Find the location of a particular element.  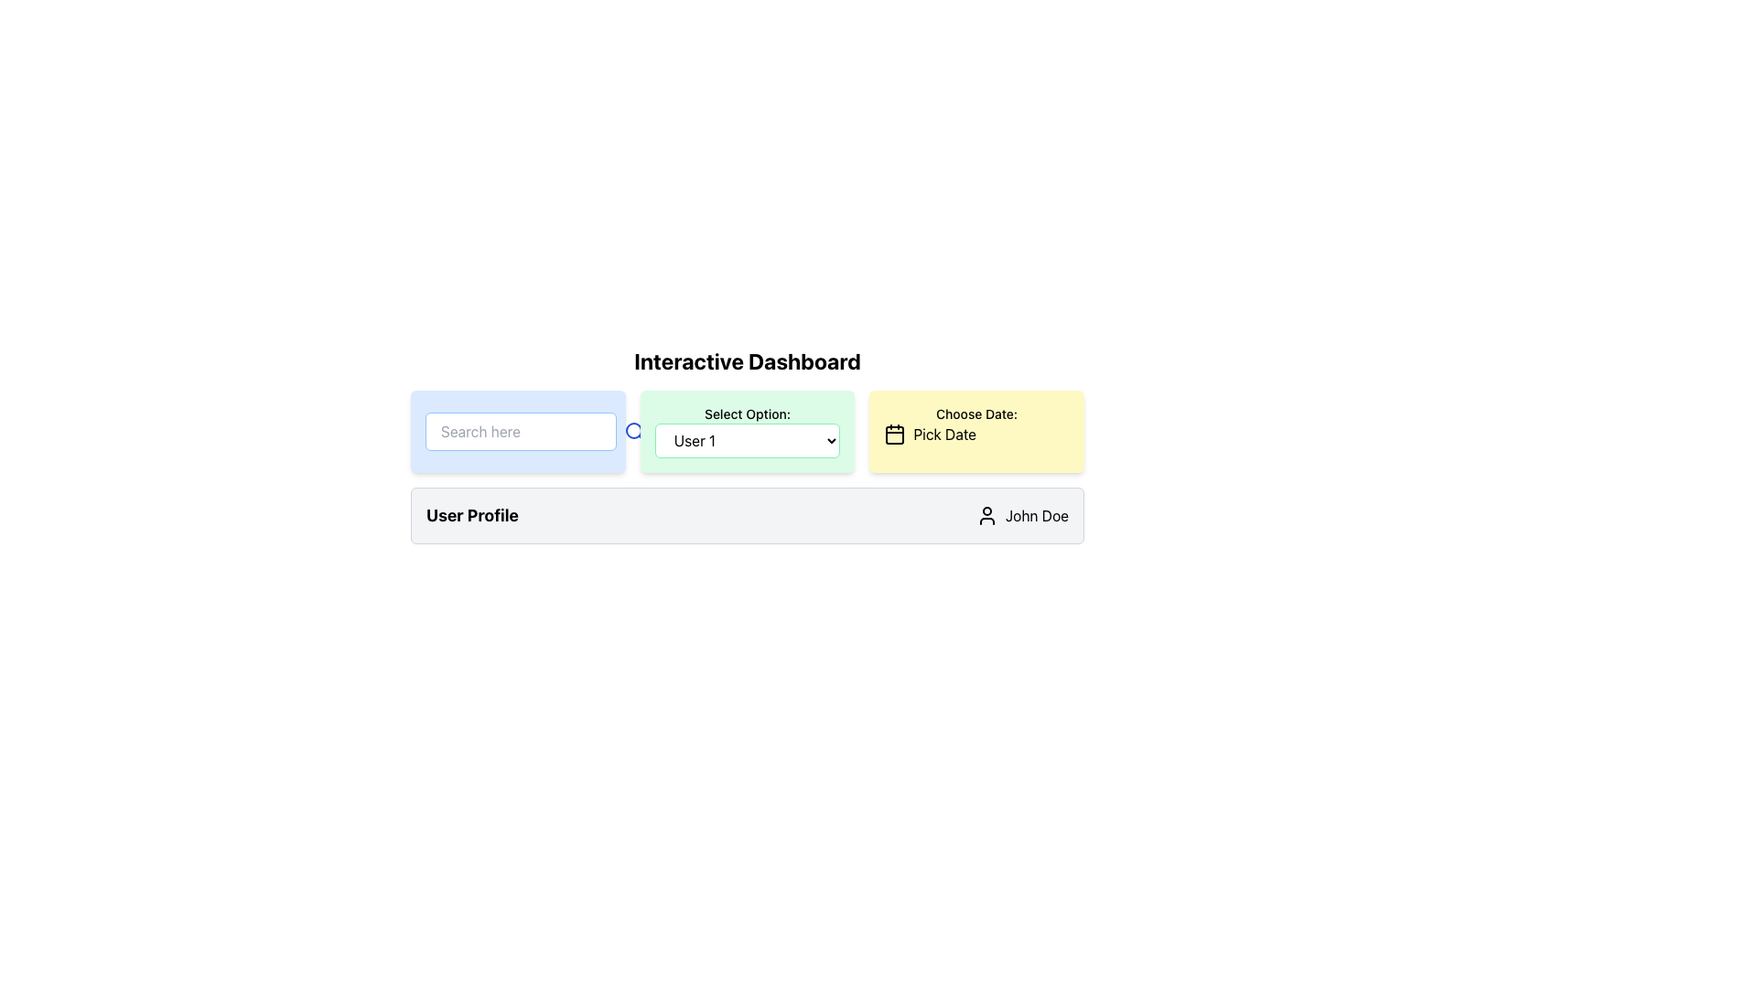

the Label with an icon that displays 'John Doe' near the bottom right of the 'User Profile' box is located at coordinates (1021, 515).